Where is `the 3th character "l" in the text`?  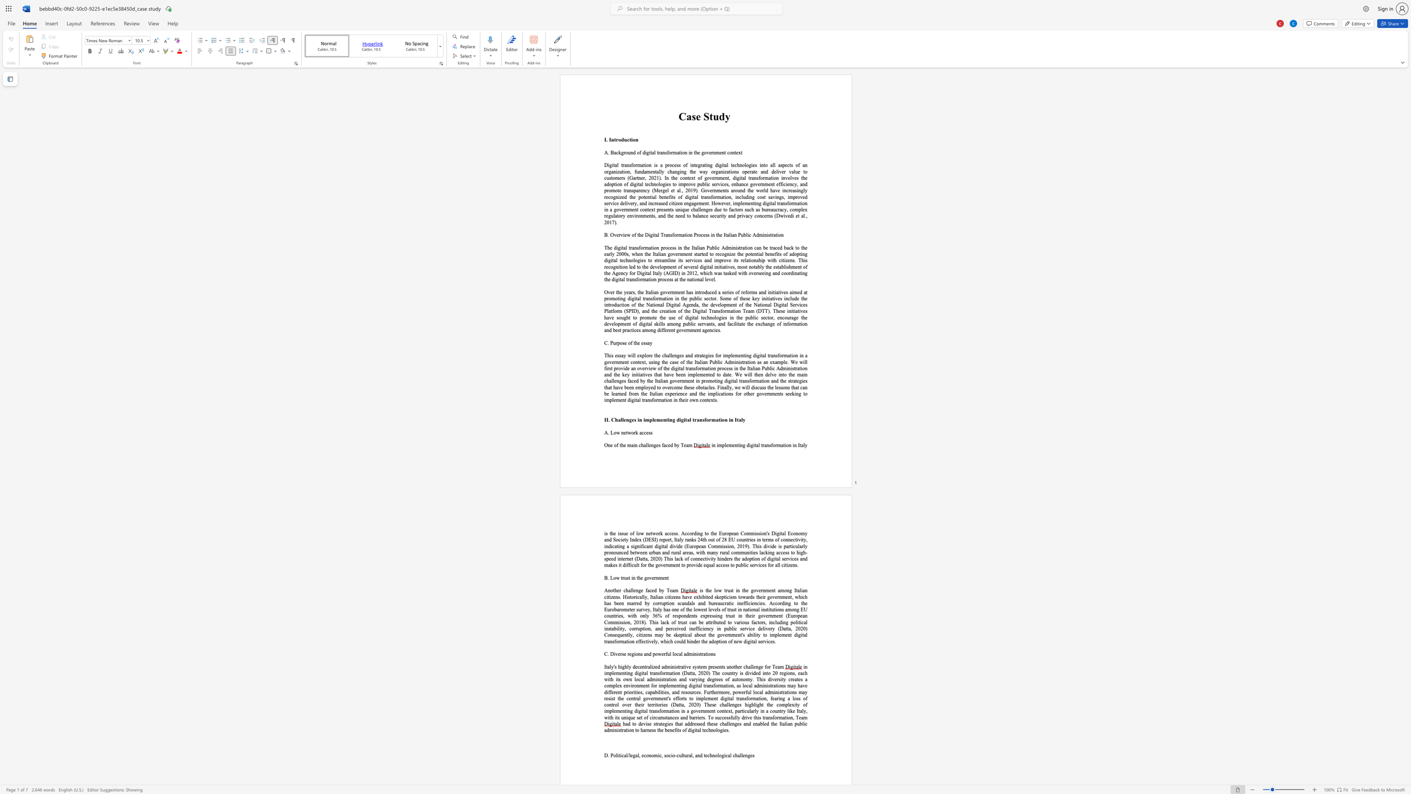
the 3th character "l" in the text is located at coordinates (681, 654).